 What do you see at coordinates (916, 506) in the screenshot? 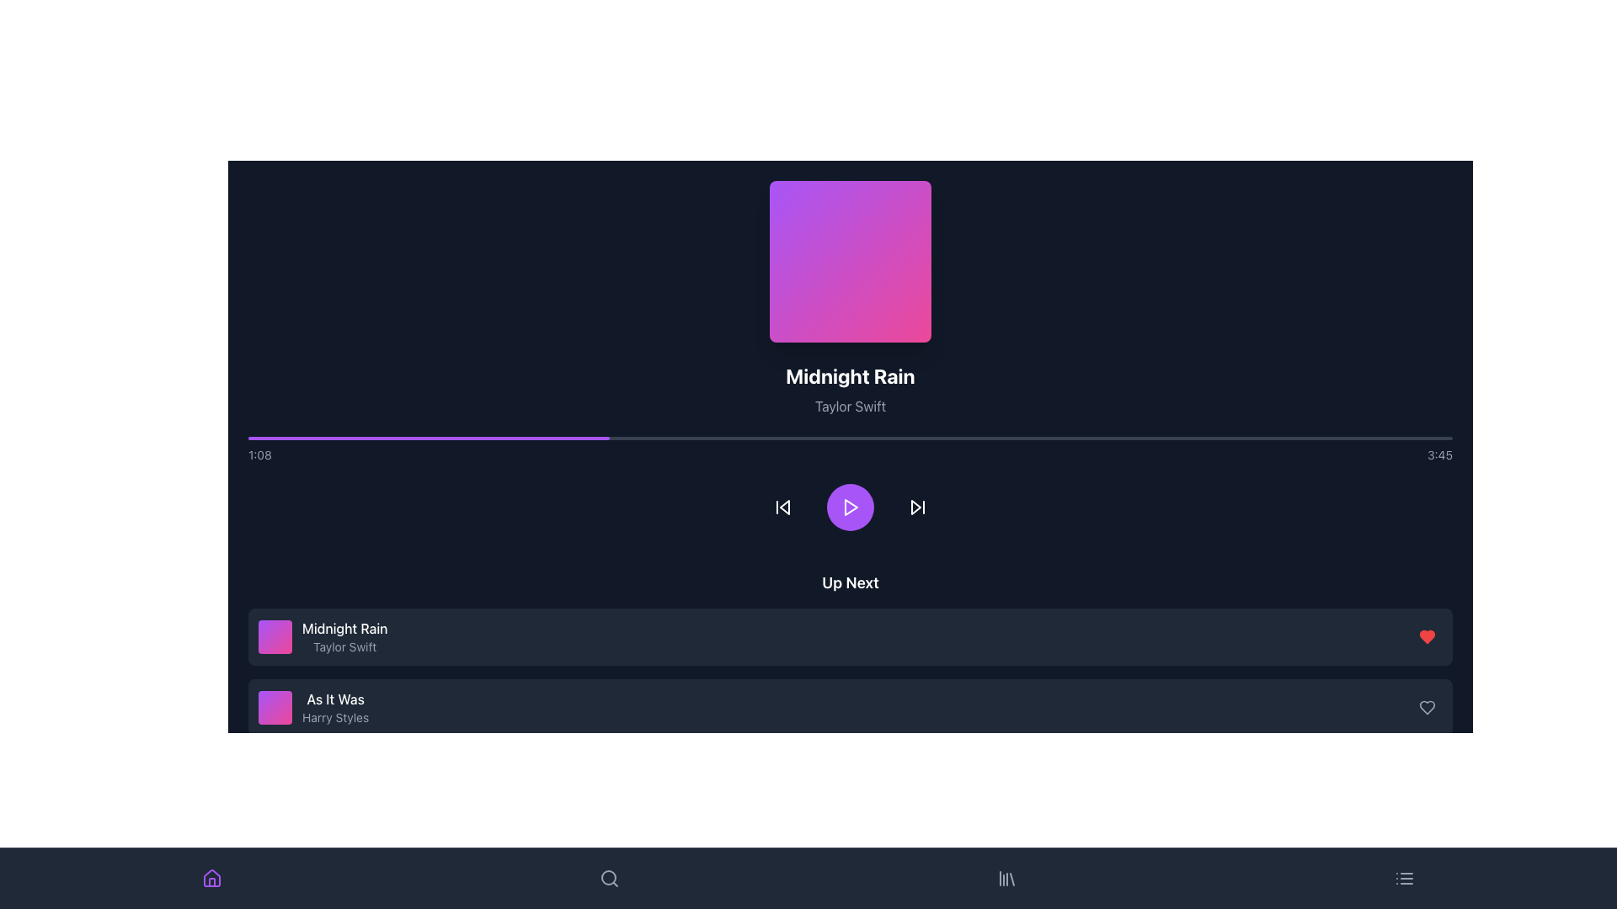
I see `the forward-skip icon, which is a white arrow pointing right within a dark circular background, located on the right side of the playback controls` at bounding box center [916, 506].